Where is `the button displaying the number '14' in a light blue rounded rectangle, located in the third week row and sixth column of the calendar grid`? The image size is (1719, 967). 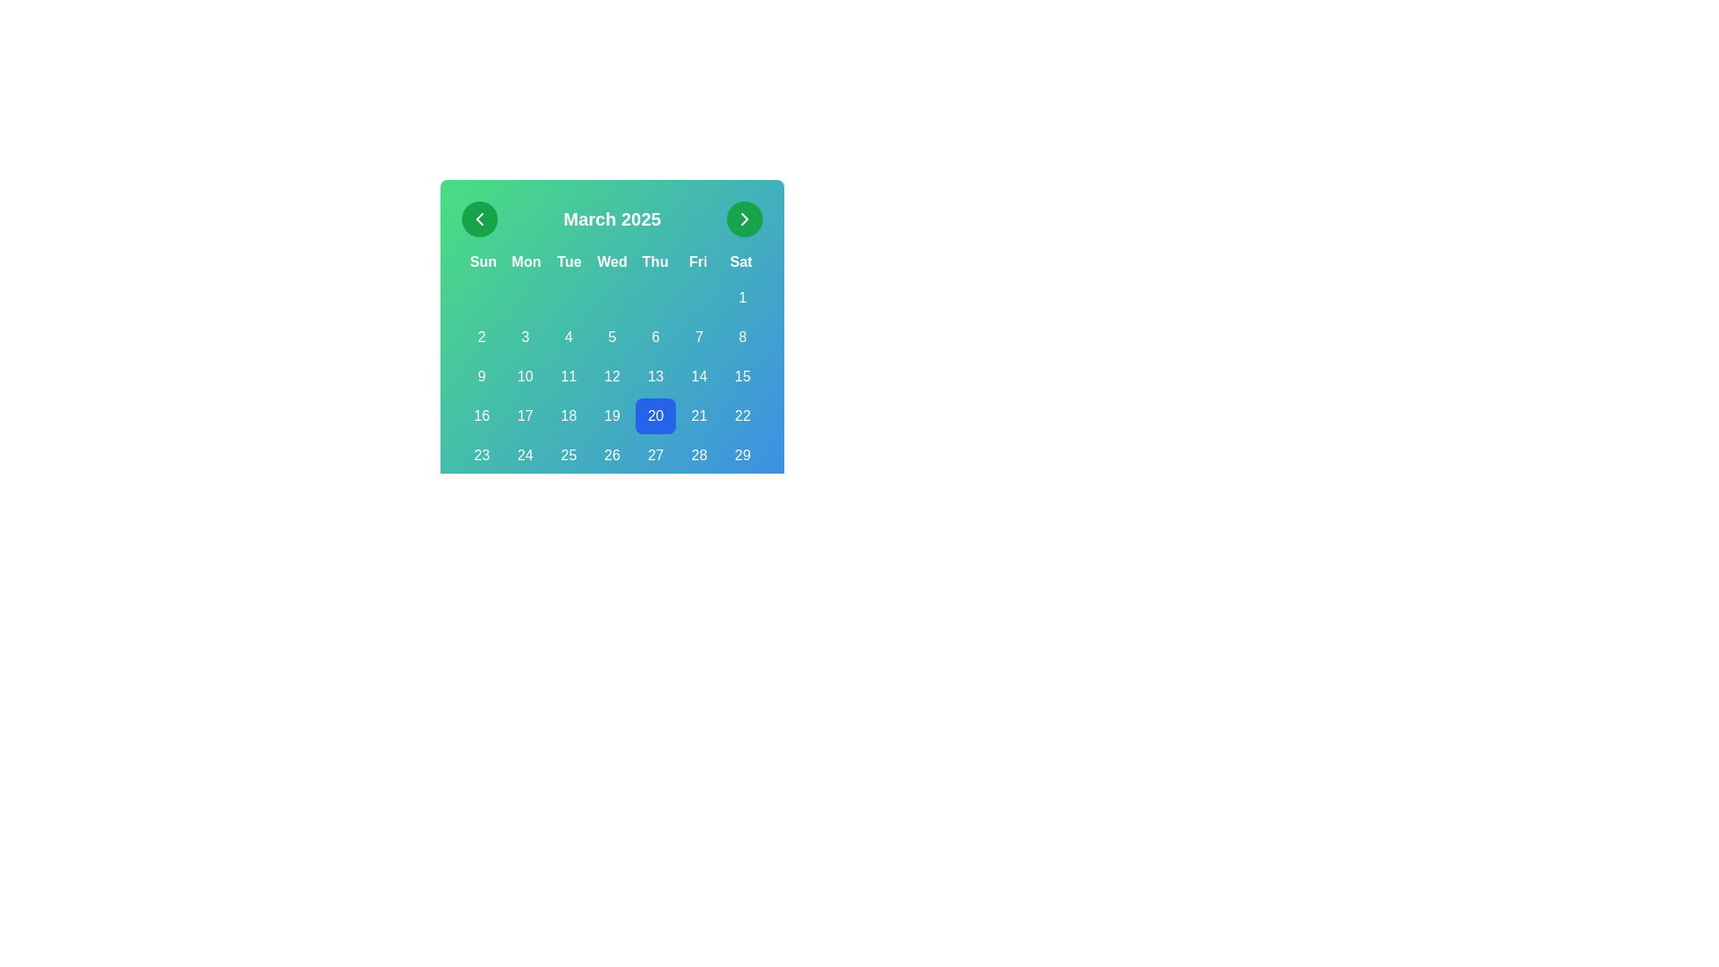 the button displaying the number '14' in a light blue rounded rectangle, located in the third week row and sixth column of the calendar grid is located at coordinates (698, 375).